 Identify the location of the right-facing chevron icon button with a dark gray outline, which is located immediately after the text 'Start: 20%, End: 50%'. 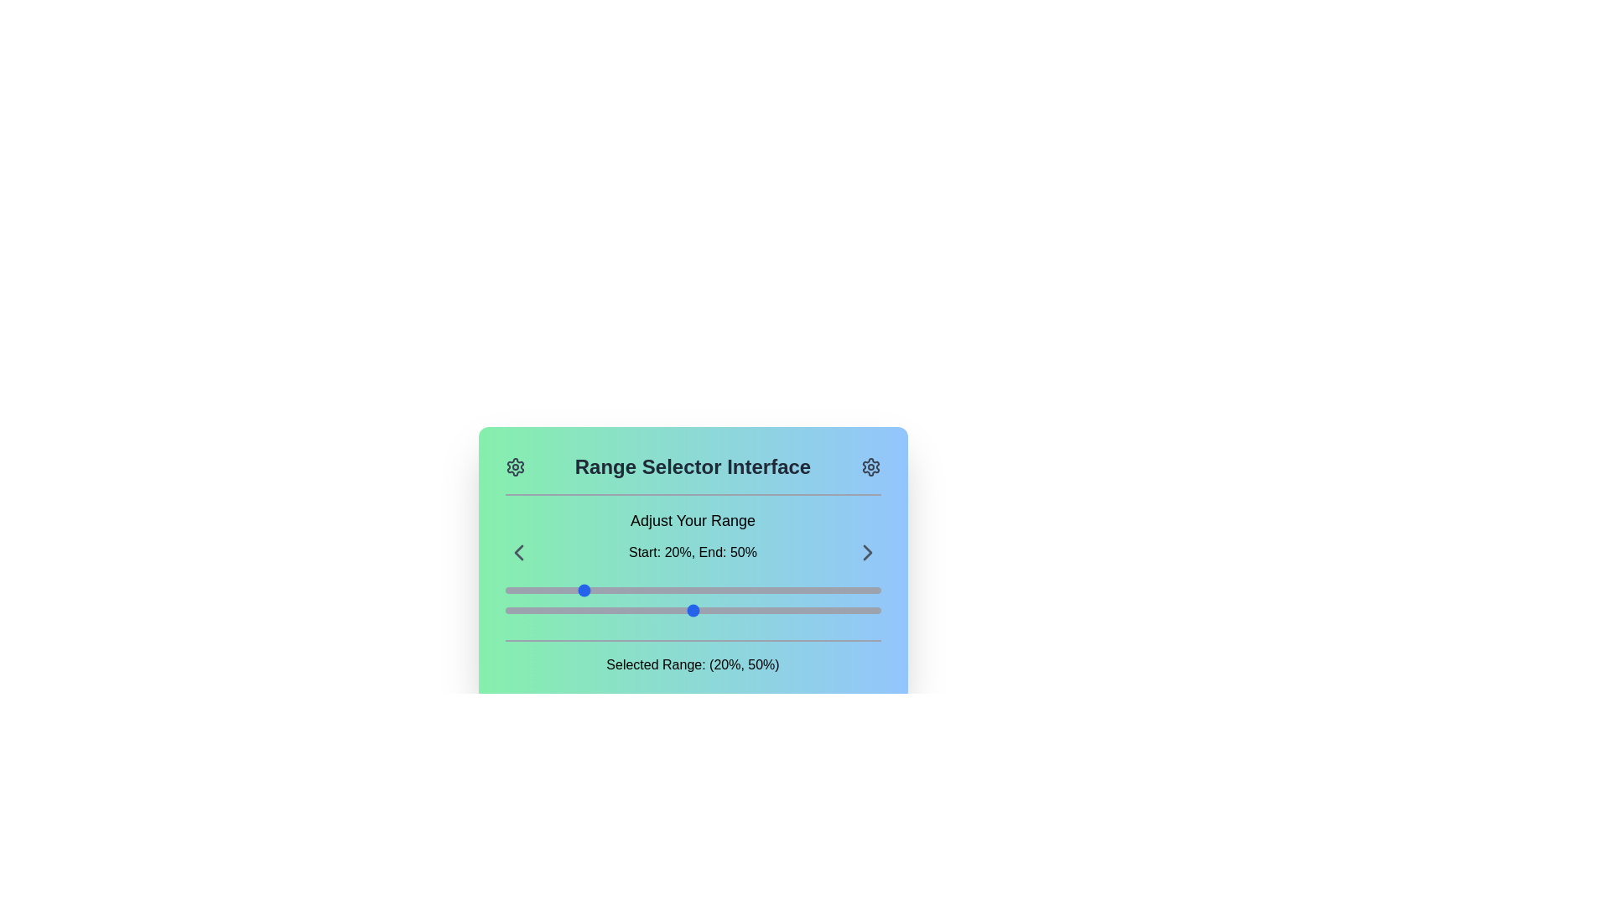
(867, 553).